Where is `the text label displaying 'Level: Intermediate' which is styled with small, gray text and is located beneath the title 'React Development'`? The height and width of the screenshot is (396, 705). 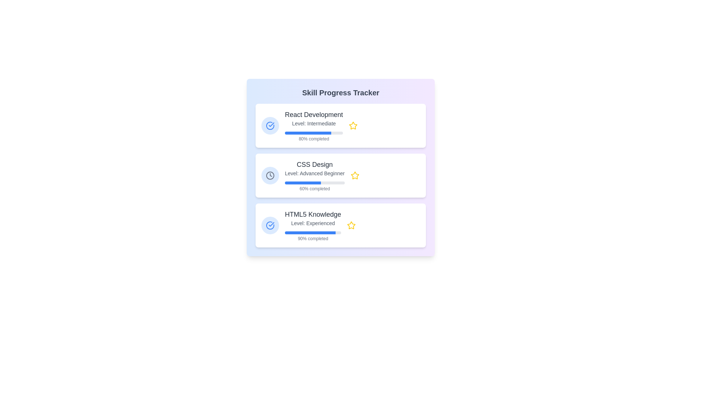
the text label displaying 'Level: Intermediate' which is styled with small, gray text and is located beneath the title 'React Development' is located at coordinates (314, 123).